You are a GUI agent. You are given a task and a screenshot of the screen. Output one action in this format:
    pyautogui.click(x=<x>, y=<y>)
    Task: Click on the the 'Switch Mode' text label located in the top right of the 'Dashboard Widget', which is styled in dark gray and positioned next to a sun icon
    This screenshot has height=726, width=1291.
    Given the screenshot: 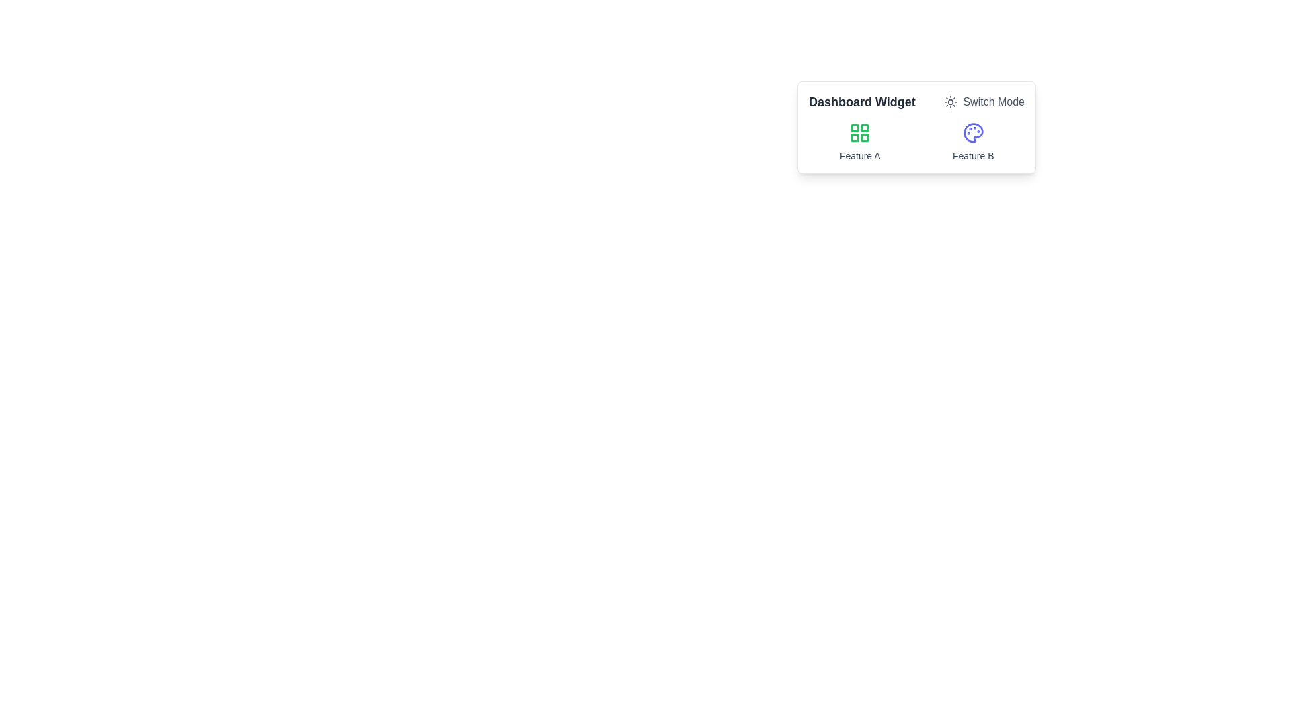 What is the action you would take?
    pyautogui.click(x=994, y=101)
    